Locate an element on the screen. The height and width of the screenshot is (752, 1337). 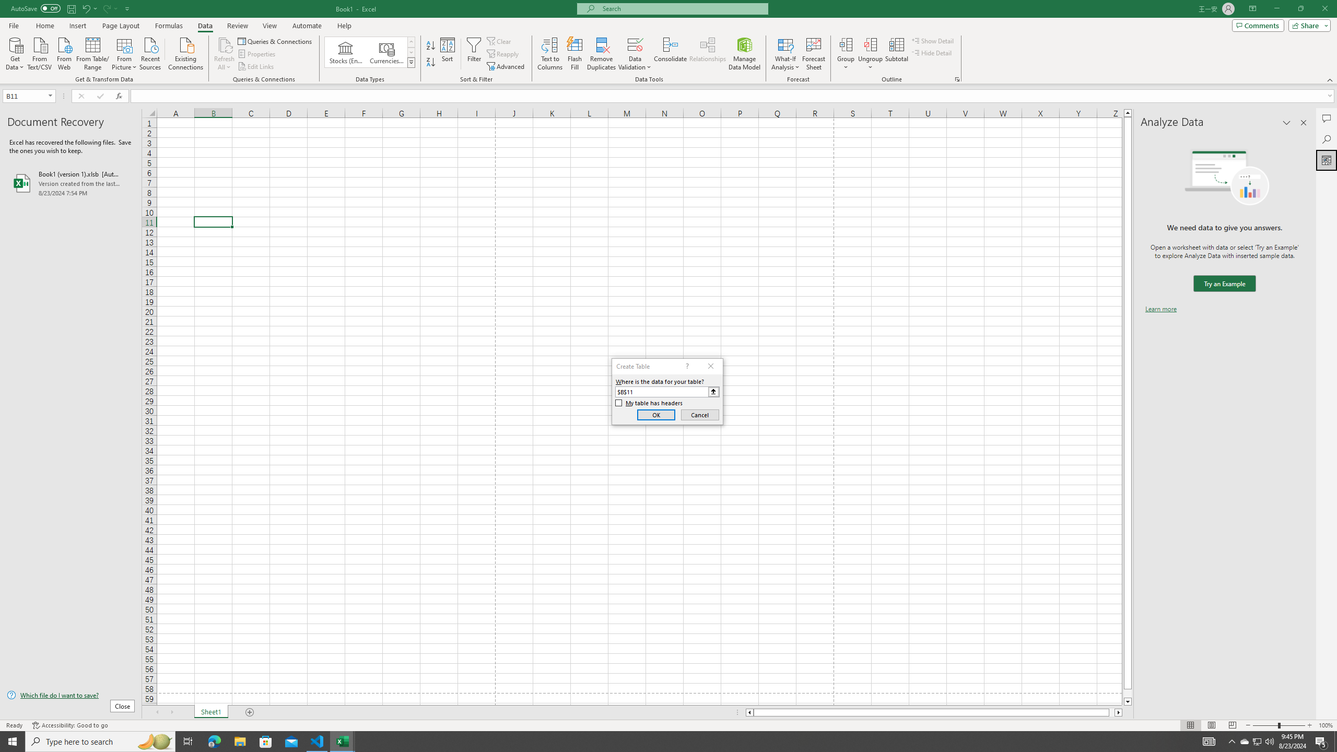
'Currencies (English)' is located at coordinates (385, 52).